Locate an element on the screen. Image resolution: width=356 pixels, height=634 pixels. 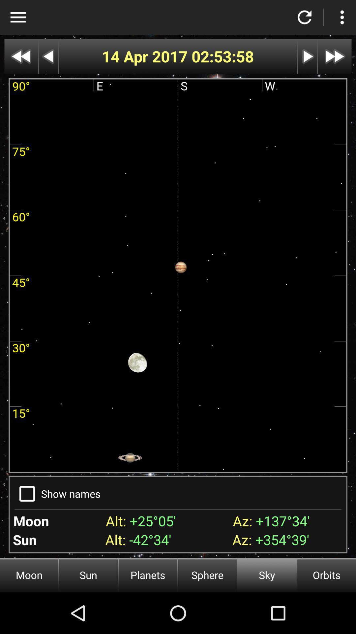
the item to the right of 14 apr 2017  icon is located at coordinates (222, 56).